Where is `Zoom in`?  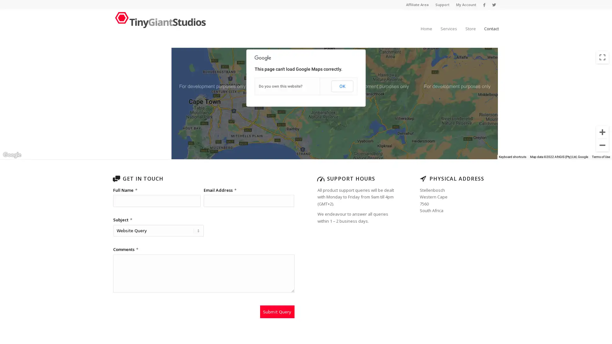 Zoom in is located at coordinates (602, 132).